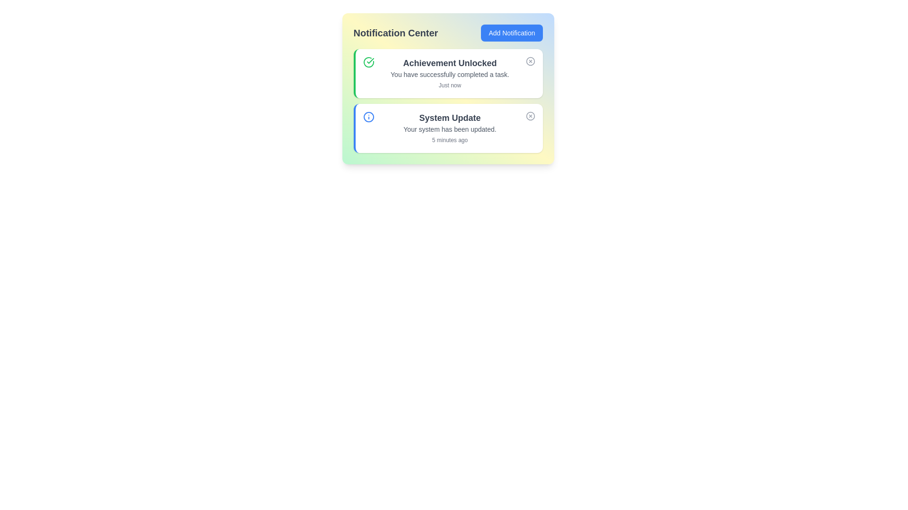  Describe the element at coordinates (530, 116) in the screenshot. I see `the circular visual component in the 'System Update' notification block, positioned to the right of the notification title` at that location.